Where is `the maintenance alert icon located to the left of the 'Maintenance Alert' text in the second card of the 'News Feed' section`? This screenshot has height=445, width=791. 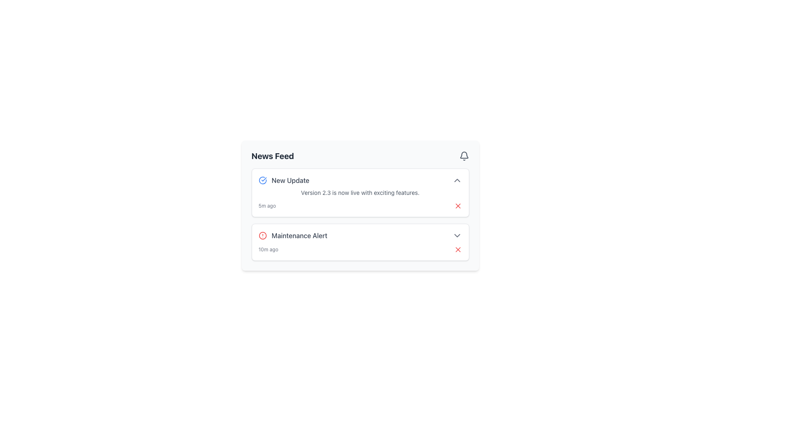 the maintenance alert icon located to the left of the 'Maintenance Alert' text in the second card of the 'News Feed' section is located at coordinates (262, 235).